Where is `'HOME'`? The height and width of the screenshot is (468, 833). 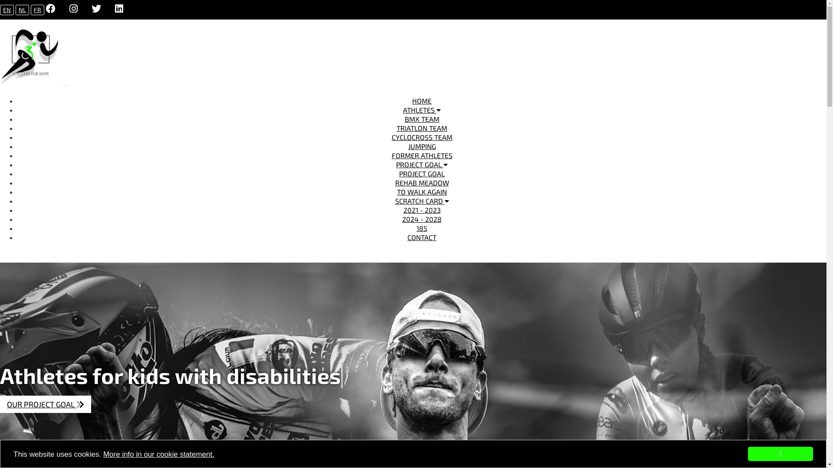
'HOME' is located at coordinates (422, 100).